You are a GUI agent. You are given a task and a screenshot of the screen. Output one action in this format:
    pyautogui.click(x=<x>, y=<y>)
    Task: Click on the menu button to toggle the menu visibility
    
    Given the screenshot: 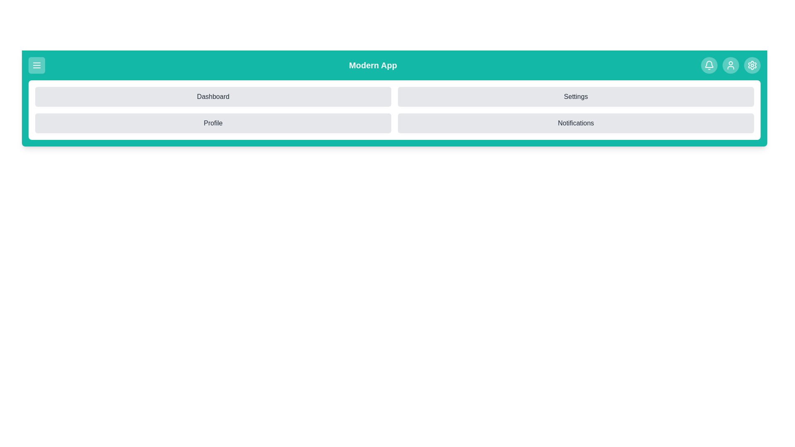 What is the action you would take?
    pyautogui.click(x=36, y=65)
    